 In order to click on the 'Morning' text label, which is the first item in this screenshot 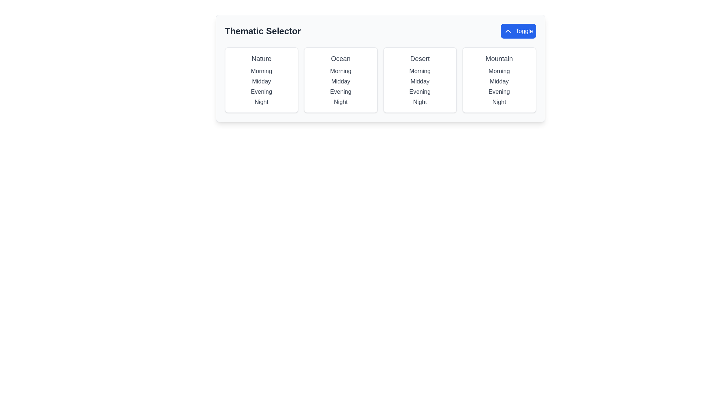, I will do `click(340, 71)`.